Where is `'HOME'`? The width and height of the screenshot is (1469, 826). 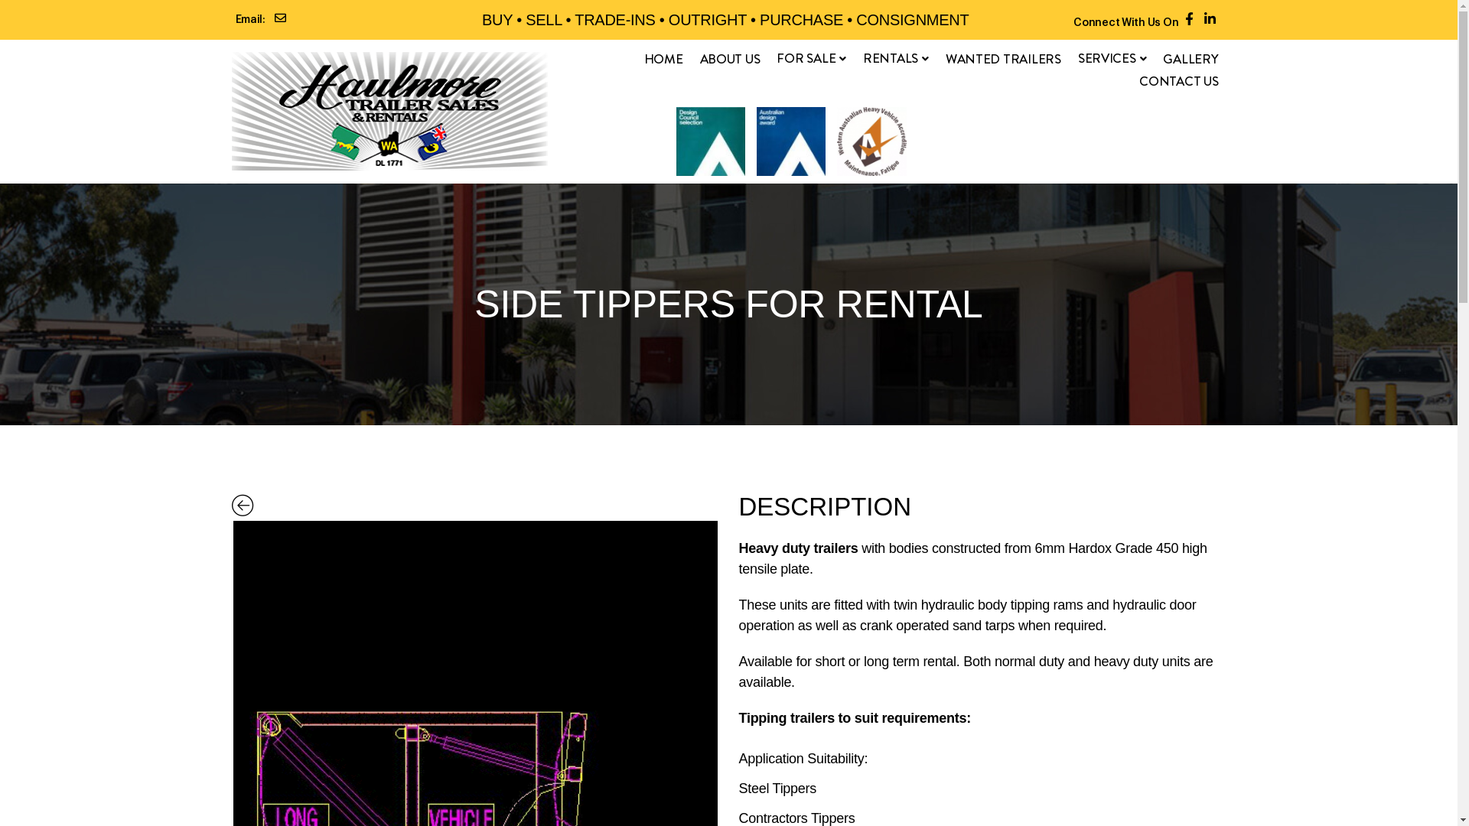
'HOME' is located at coordinates (643, 58).